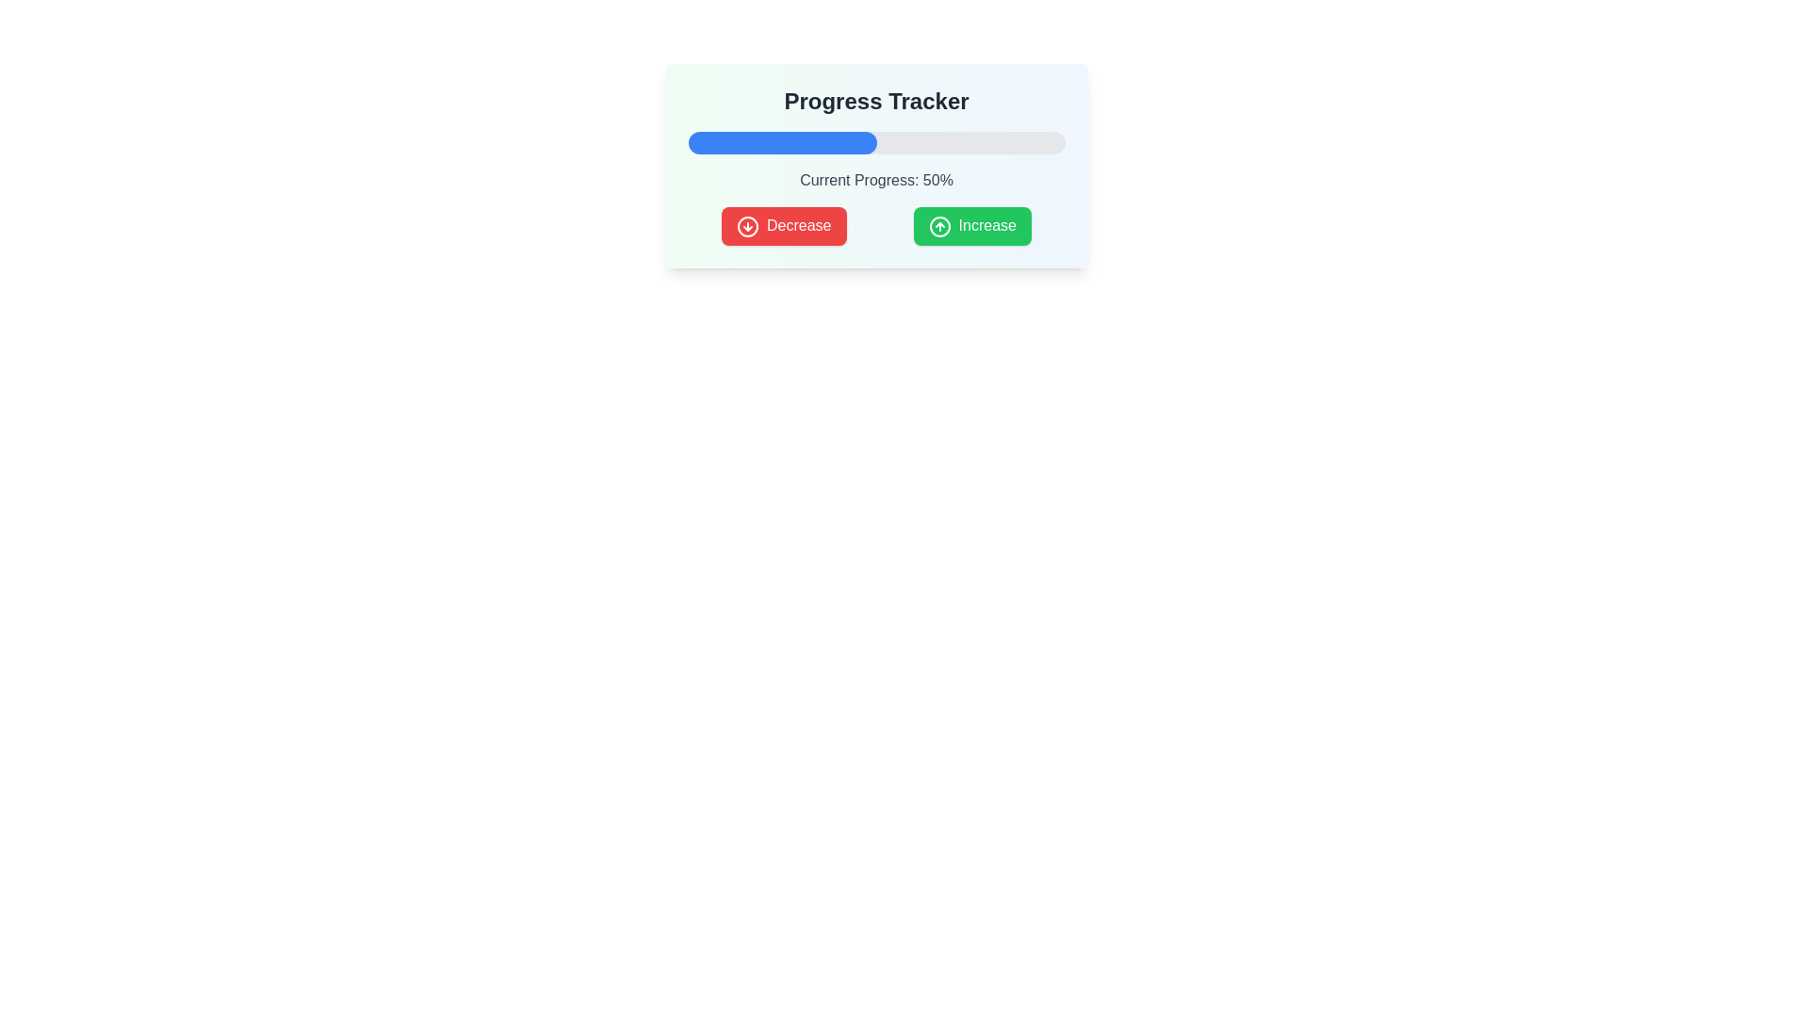  What do you see at coordinates (972, 225) in the screenshot?
I see `the bright green button labeled 'Increase' with a rounded shape and an upward arrow icon` at bounding box center [972, 225].